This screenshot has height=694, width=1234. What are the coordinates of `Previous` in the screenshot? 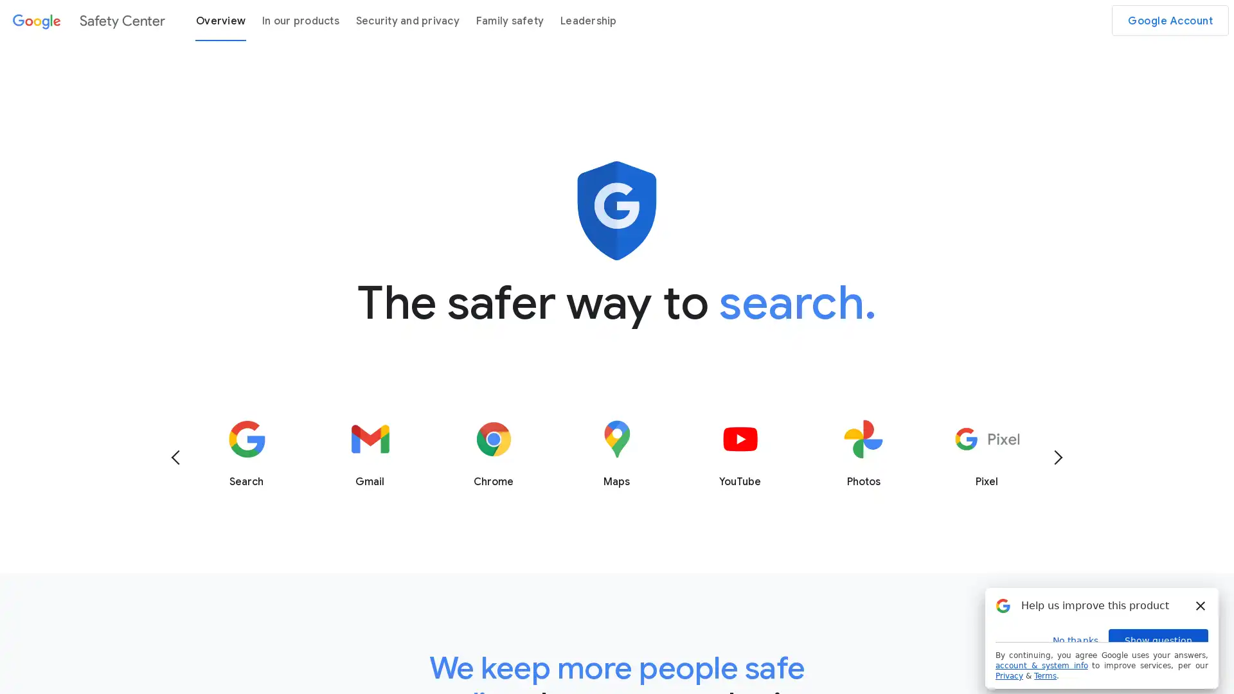 It's located at (175, 456).